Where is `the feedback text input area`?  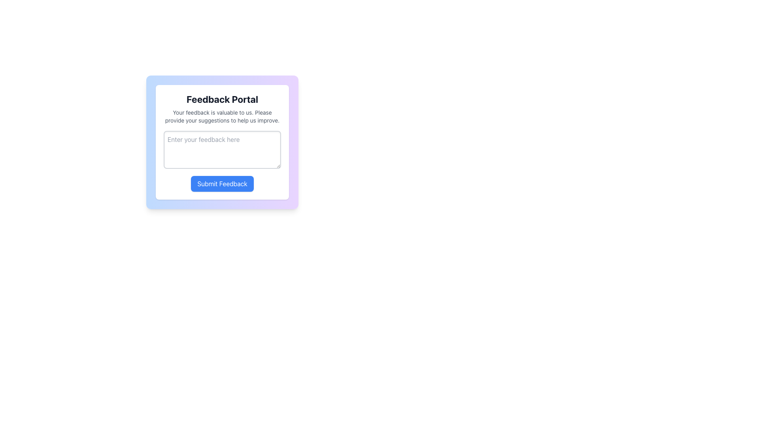 the feedback text input area is located at coordinates (222, 161).